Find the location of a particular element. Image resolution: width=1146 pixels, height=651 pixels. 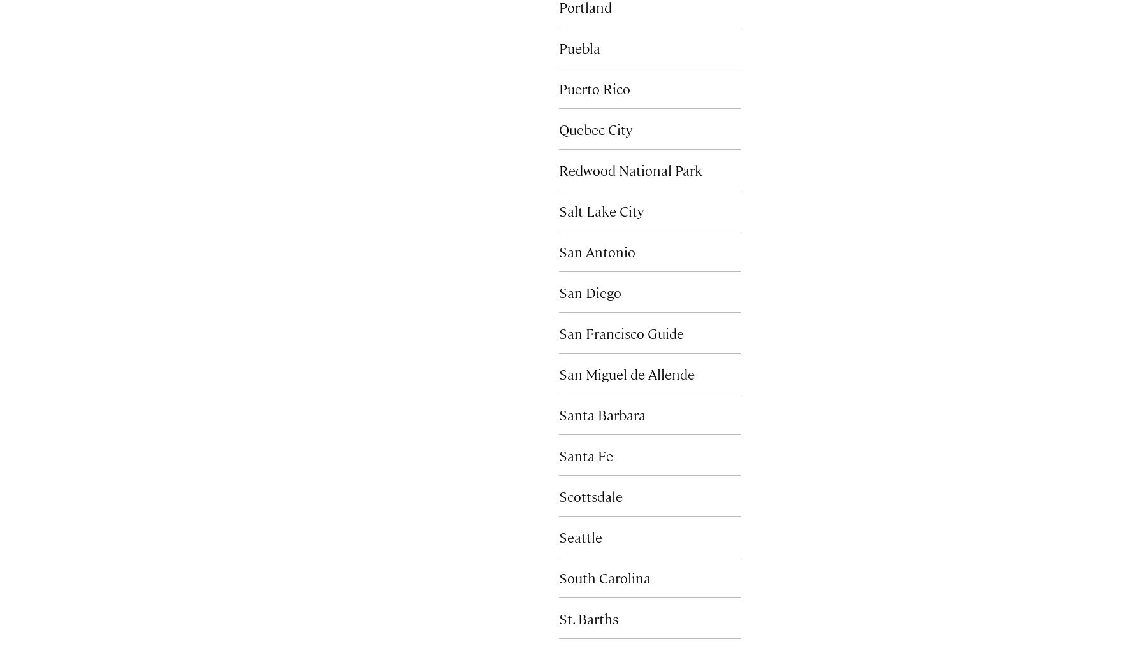

'Puebla' is located at coordinates (559, 46).